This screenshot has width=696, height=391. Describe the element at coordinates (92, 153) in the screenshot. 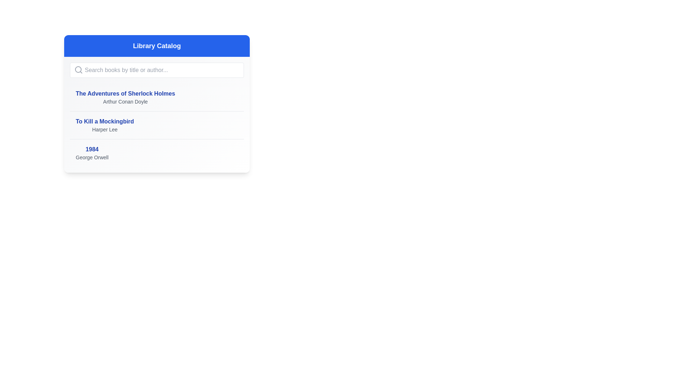

I see `the text block displaying the title '1984' in bold blue font and the author's name 'George Orwell' in smaller gray font, which is the third entry in the interactive list` at that location.